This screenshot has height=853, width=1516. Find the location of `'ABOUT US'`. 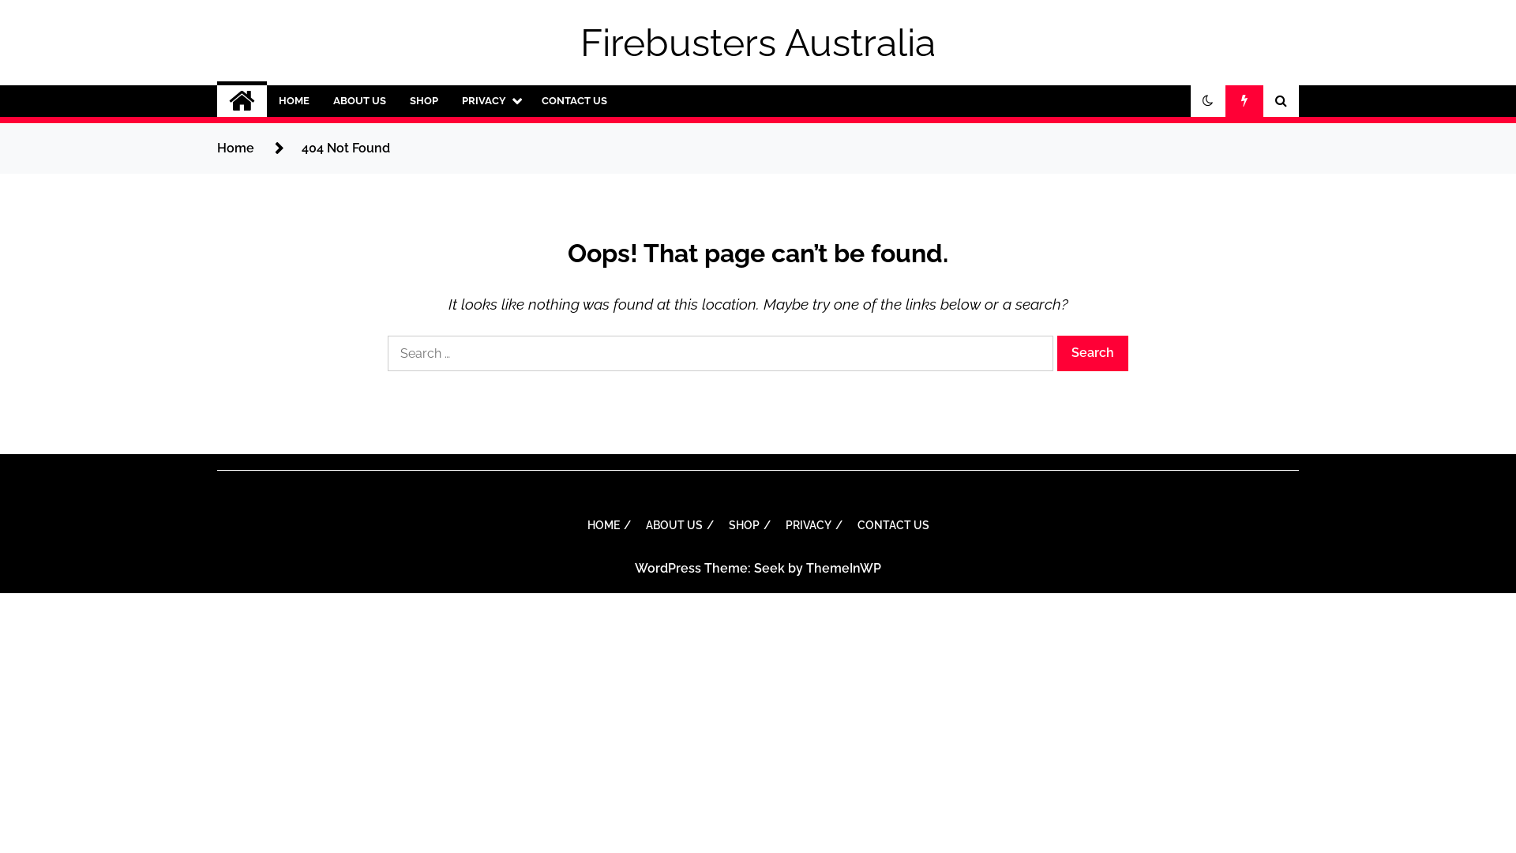

'ABOUT US' is located at coordinates (358, 100).